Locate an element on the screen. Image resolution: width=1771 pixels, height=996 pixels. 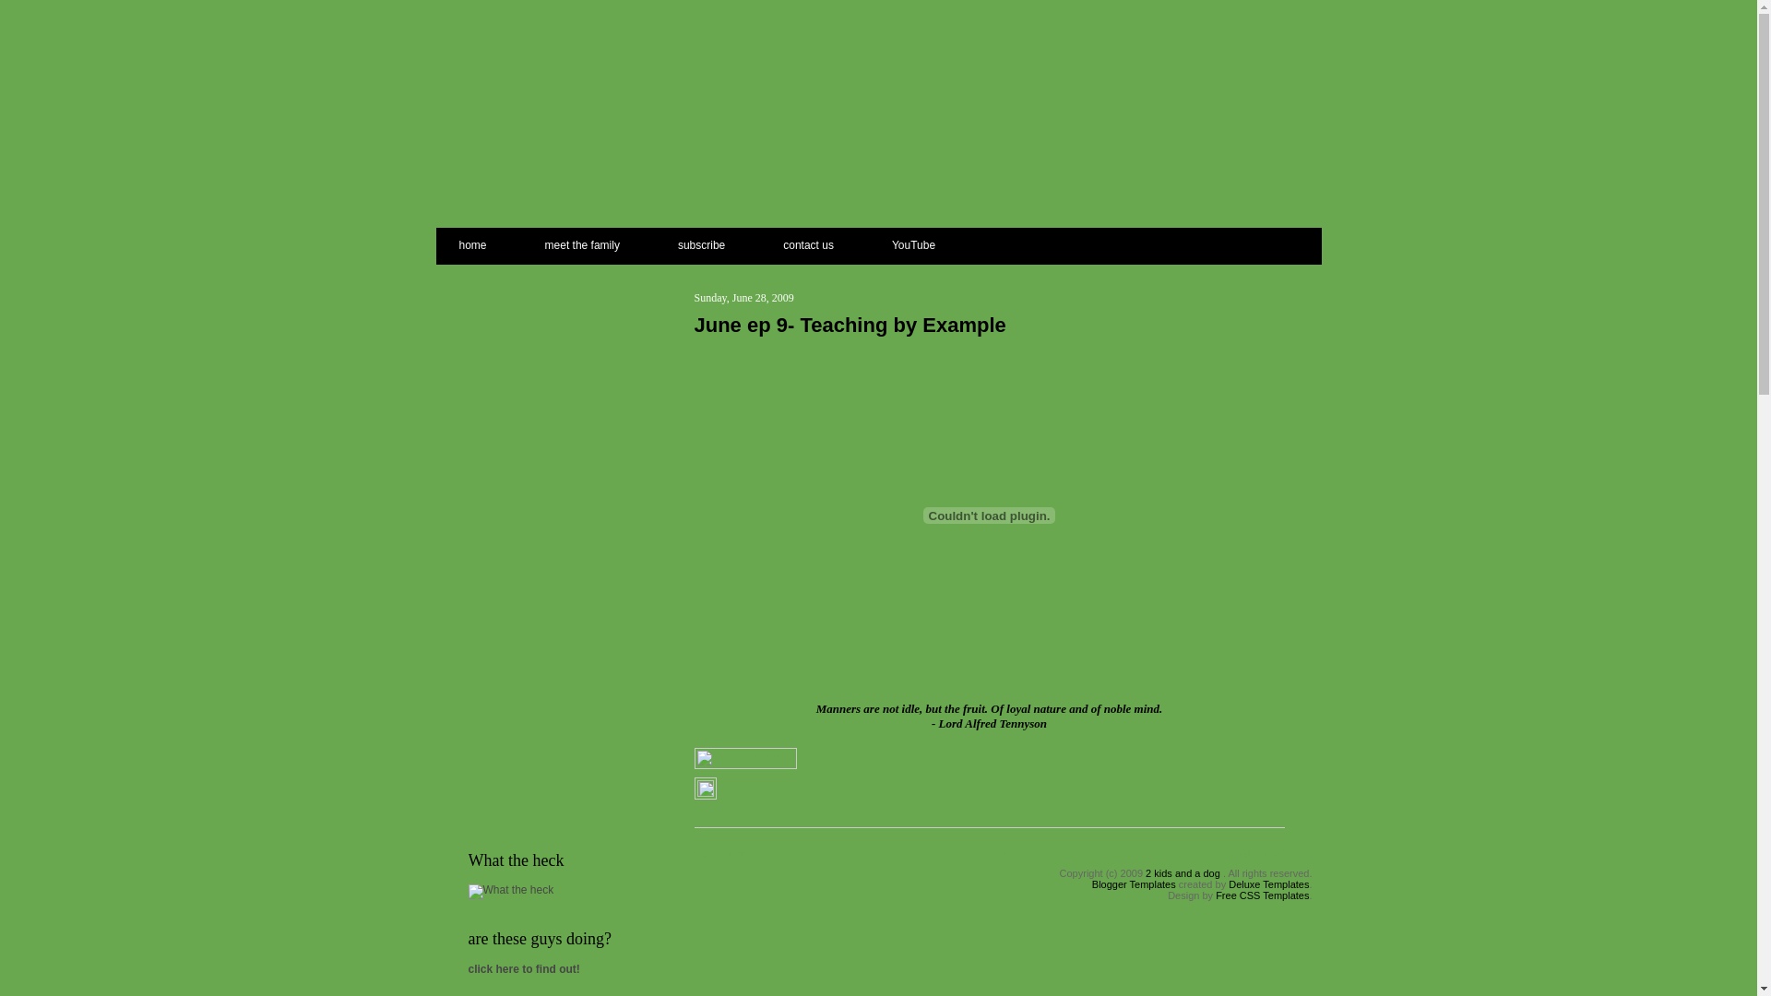
'Older Post' is located at coordinates (1257, 853).